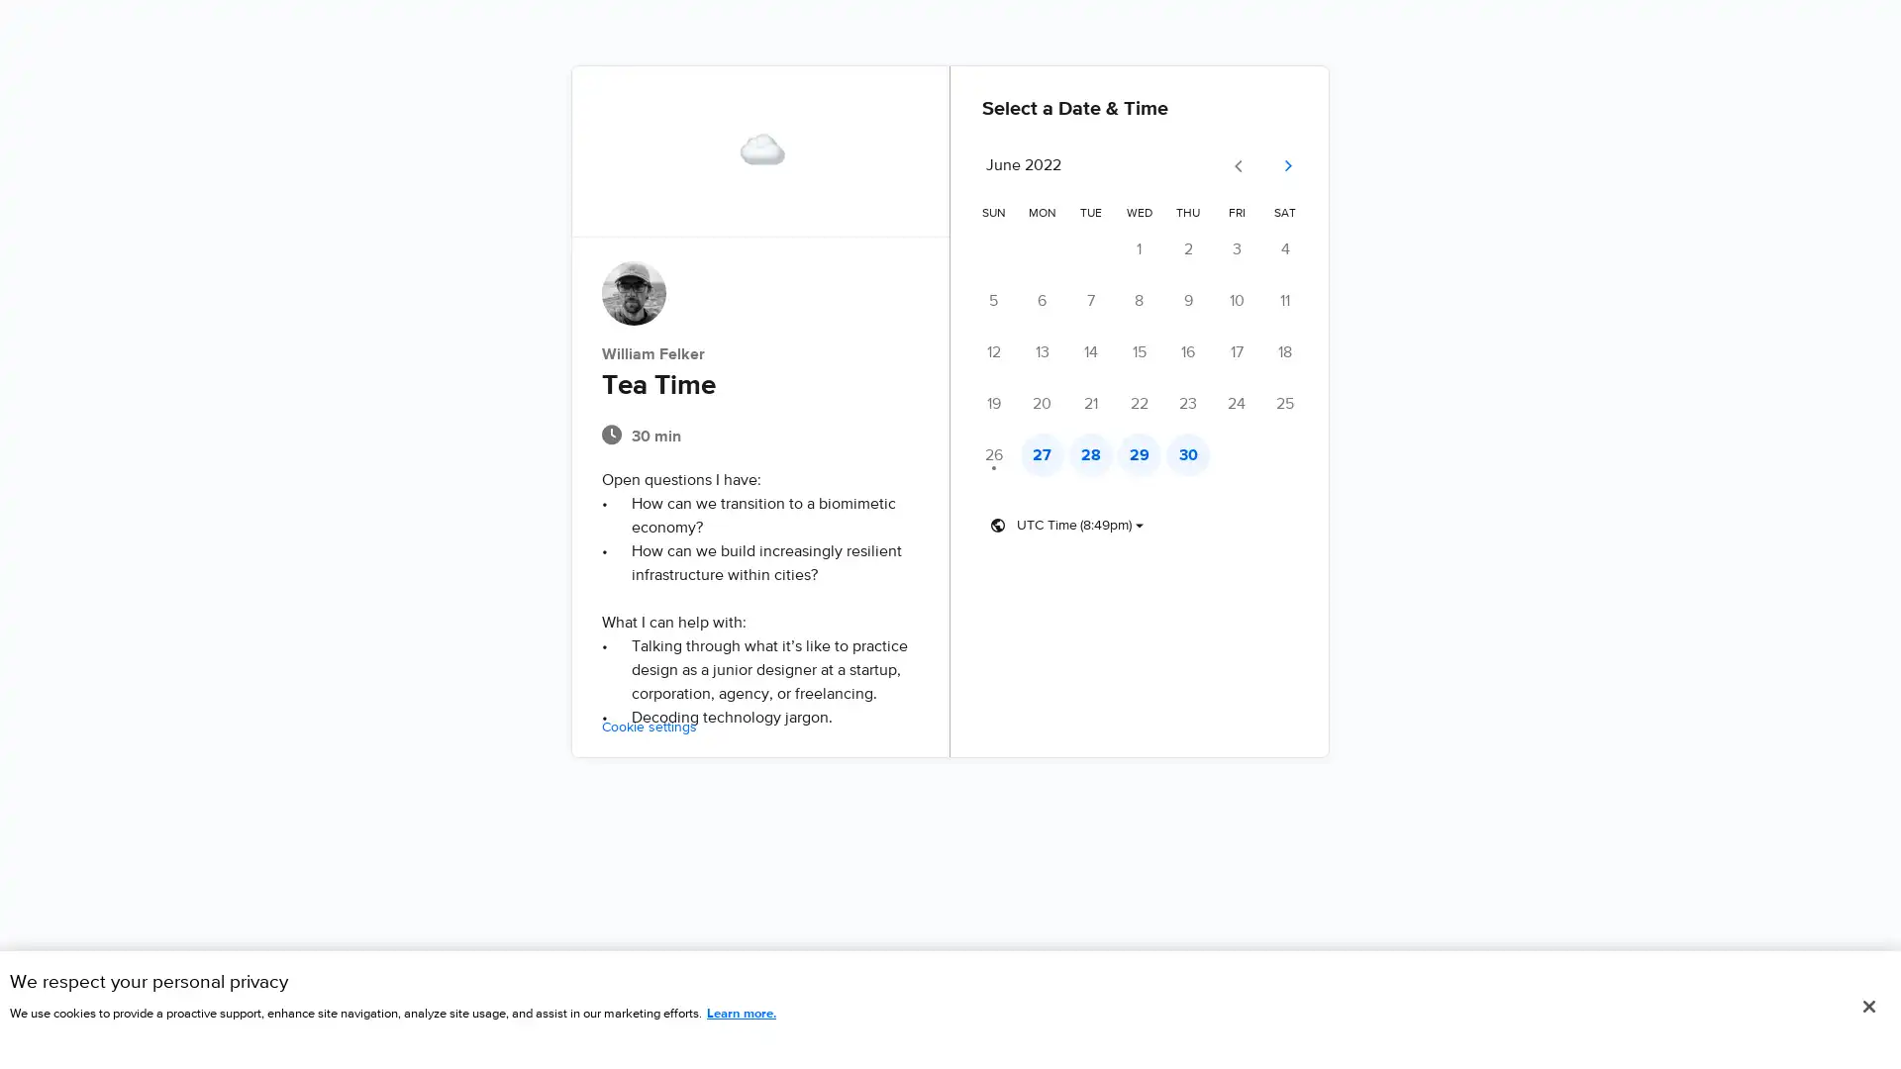 Image resolution: width=1901 pixels, height=1069 pixels. Describe the element at coordinates (1197, 454) in the screenshot. I see `Thursday, June 30 - Times available` at that location.